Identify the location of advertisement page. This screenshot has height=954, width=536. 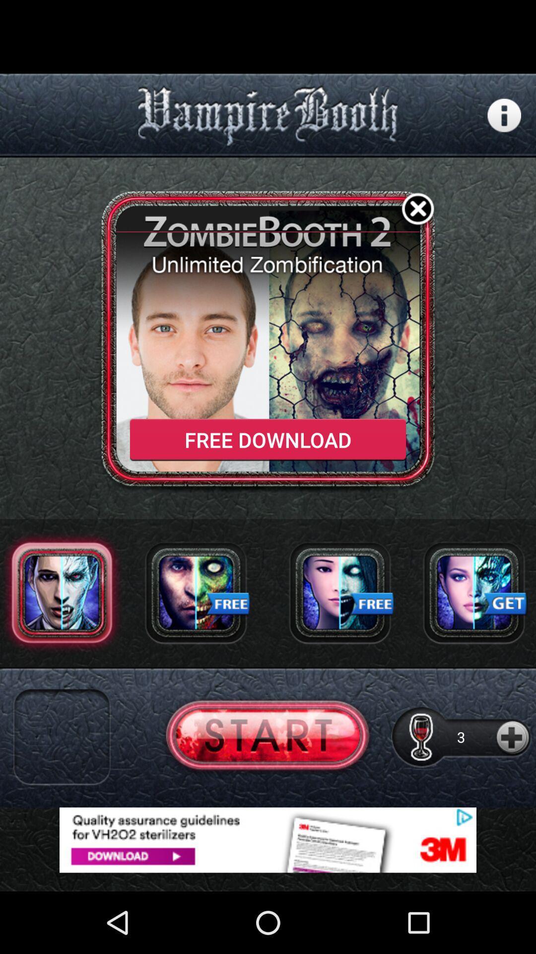
(268, 839).